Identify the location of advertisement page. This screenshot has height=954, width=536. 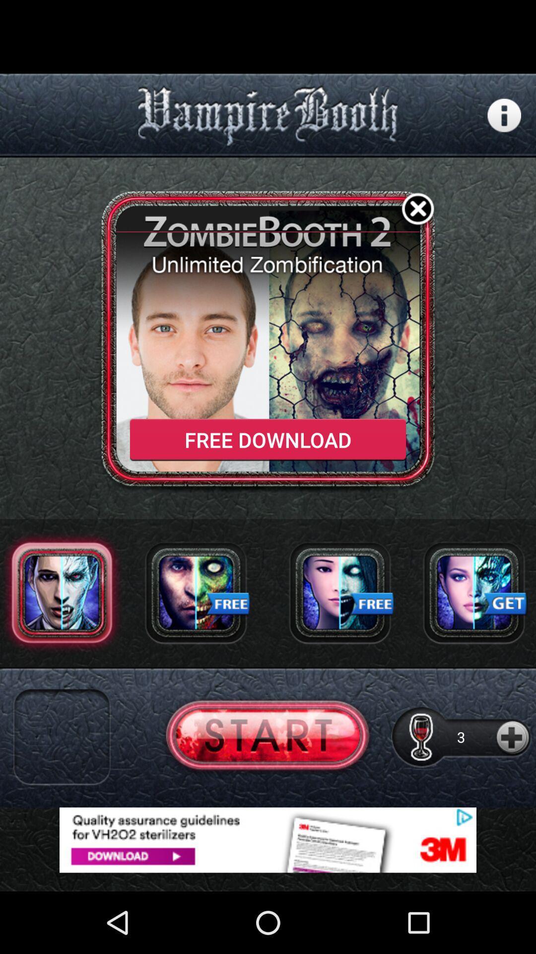
(268, 839).